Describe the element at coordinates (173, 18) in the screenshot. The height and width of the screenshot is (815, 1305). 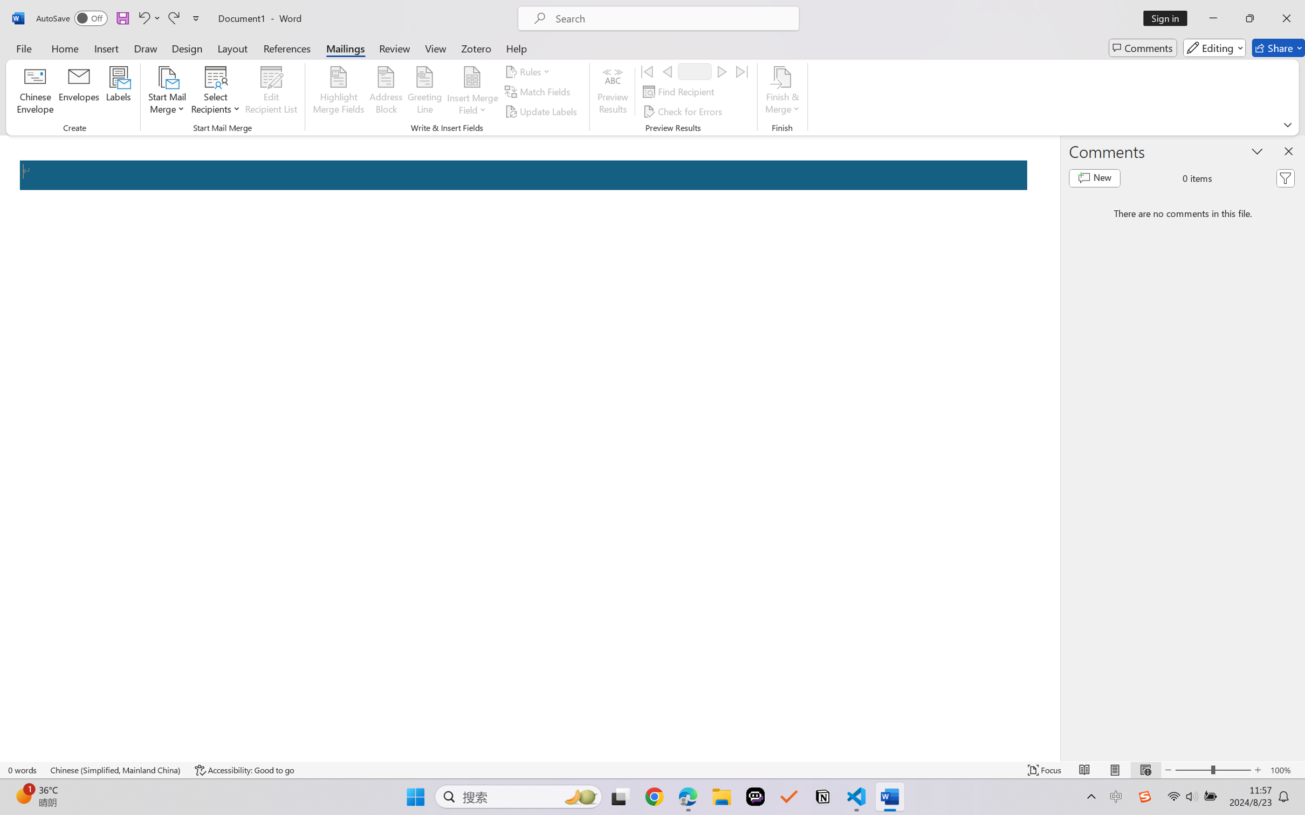
I see `'Redo Apply Quick Style'` at that location.